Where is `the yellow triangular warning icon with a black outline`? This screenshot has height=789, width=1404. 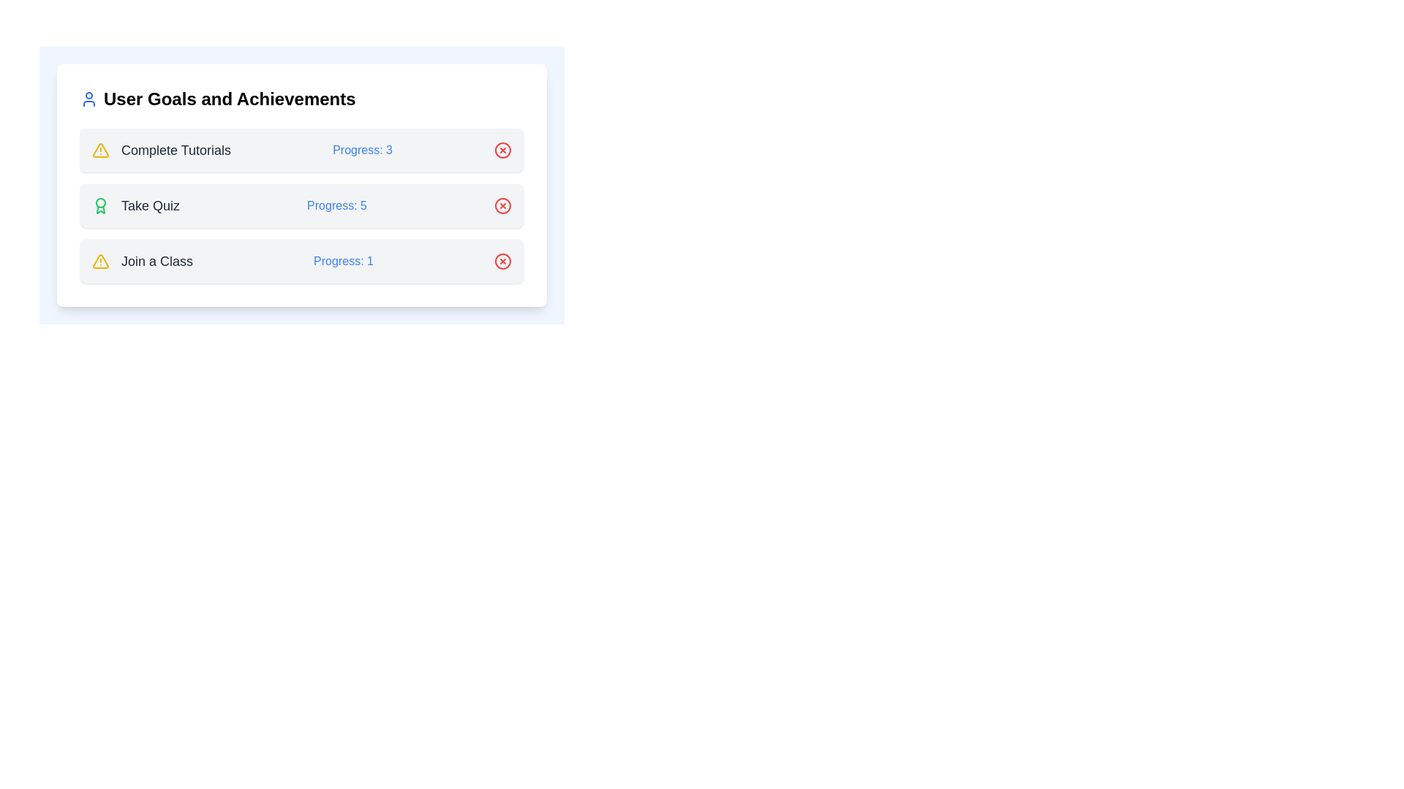 the yellow triangular warning icon with a black outline is located at coordinates (100, 261).